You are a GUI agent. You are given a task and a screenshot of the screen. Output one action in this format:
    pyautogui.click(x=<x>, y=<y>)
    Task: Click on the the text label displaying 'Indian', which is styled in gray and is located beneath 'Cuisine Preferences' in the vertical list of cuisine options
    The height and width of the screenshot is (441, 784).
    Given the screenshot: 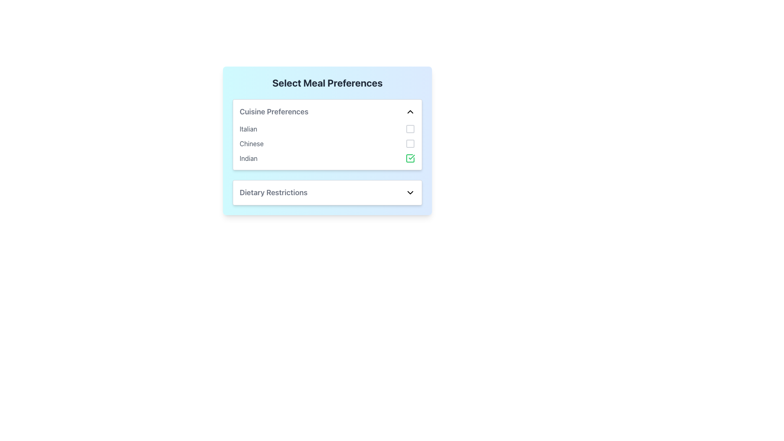 What is the action you would take?
    pyautogui.click(x=248, y=158)
    